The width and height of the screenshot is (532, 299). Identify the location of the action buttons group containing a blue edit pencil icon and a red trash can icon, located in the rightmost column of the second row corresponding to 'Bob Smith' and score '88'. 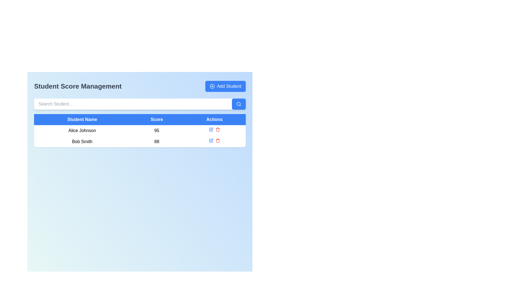
(214, 140).